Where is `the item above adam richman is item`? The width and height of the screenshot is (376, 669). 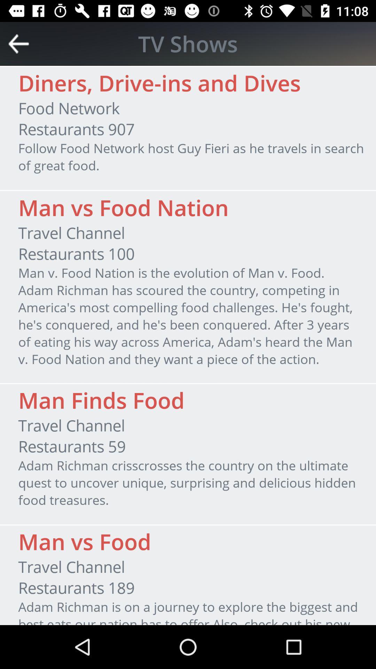
the item above adam richman is item is located at coordinates (76, 587).